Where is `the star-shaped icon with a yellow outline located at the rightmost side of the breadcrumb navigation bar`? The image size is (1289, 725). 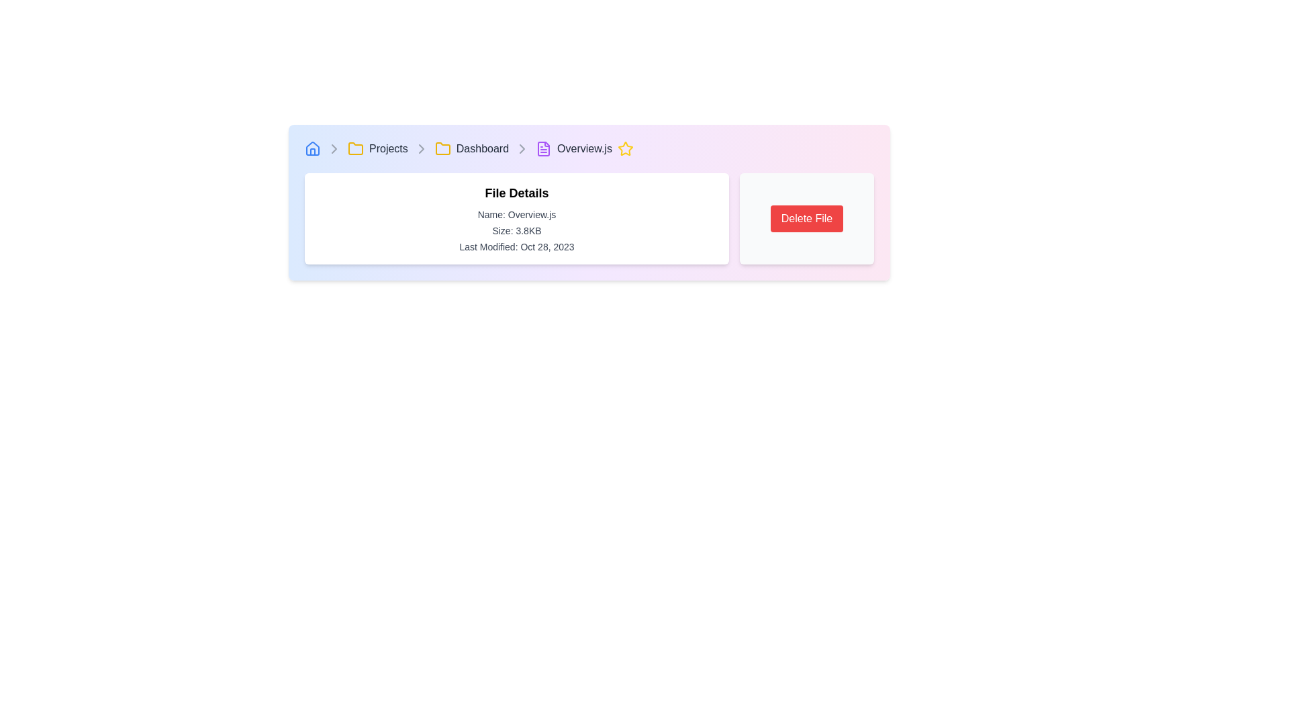
the star-shaped icon with a yellow outline located at the rightmost side of the breadcrumb navigation bar is located at coordinates (624, 149).